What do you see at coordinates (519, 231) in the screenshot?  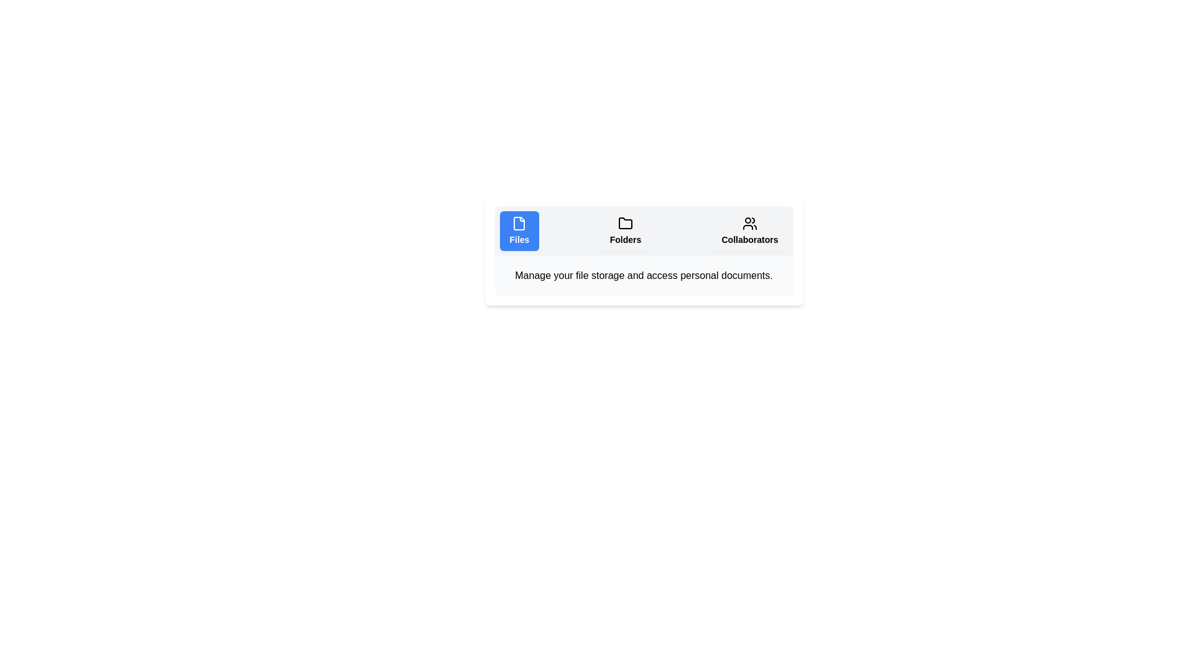 I see `the Files tab to display its content description` at bounding box center [519, 231].